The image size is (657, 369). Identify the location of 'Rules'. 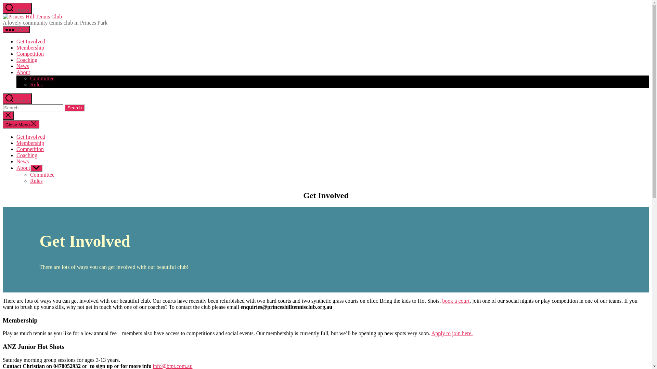
(36, 180).